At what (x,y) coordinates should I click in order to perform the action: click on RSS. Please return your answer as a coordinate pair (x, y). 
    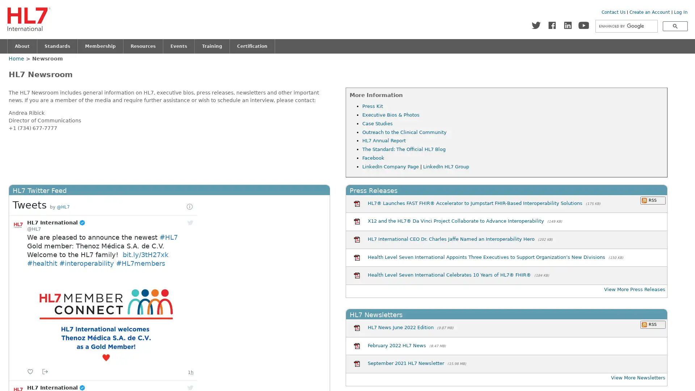
    Looking at the image, I should click on (653, 324).